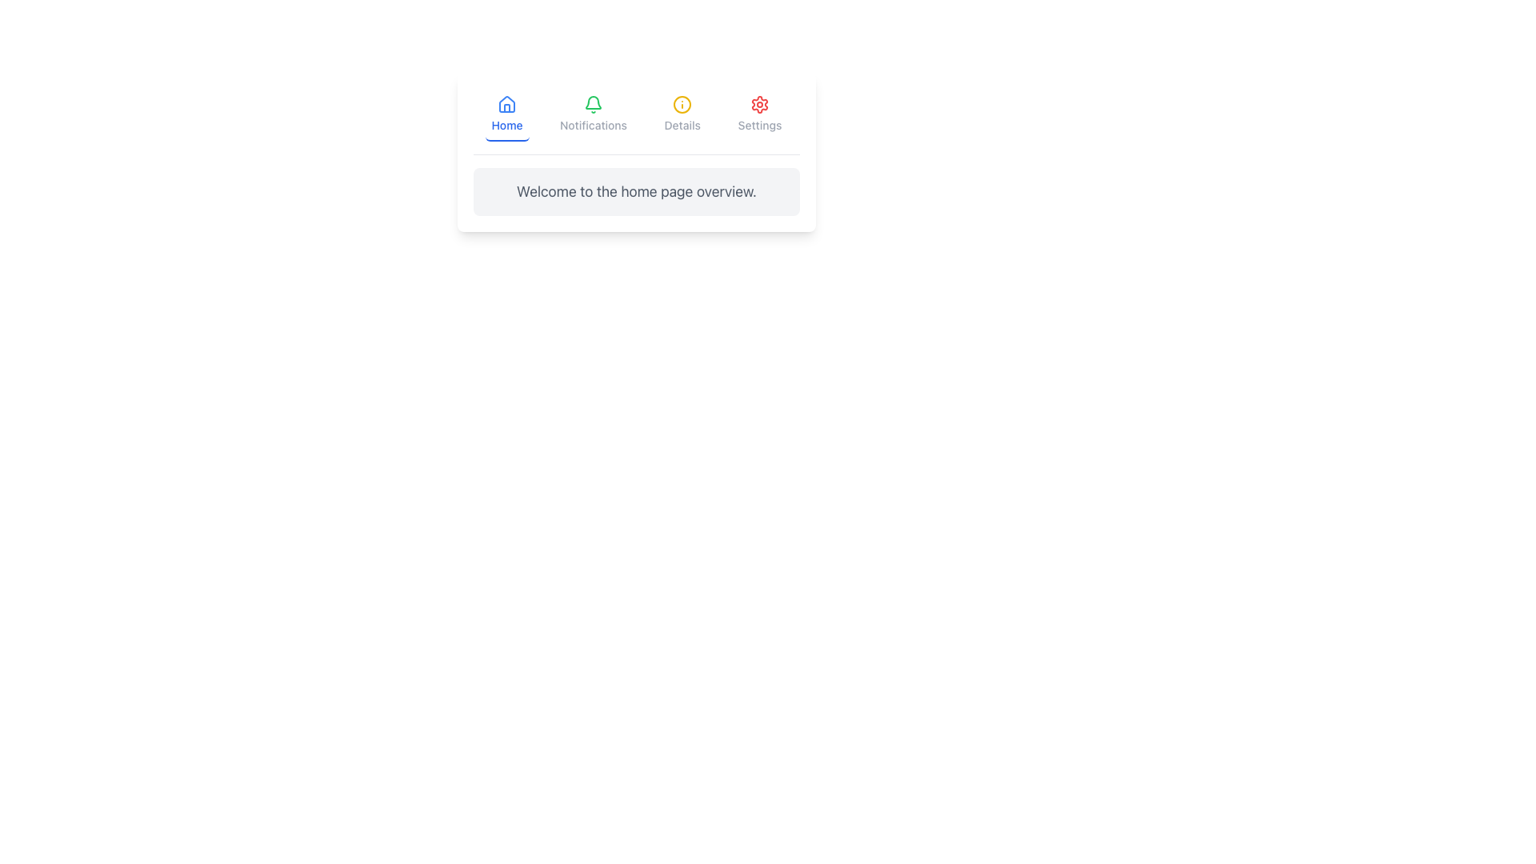 This screenshot has height=864, width=1536. Describe the element at coordinates (593, 114) in the screenshot. I see `the notifications button located in the horizontal navigation bar, positioned second from the left between the 'Home' and 'Details' elements` at that location.